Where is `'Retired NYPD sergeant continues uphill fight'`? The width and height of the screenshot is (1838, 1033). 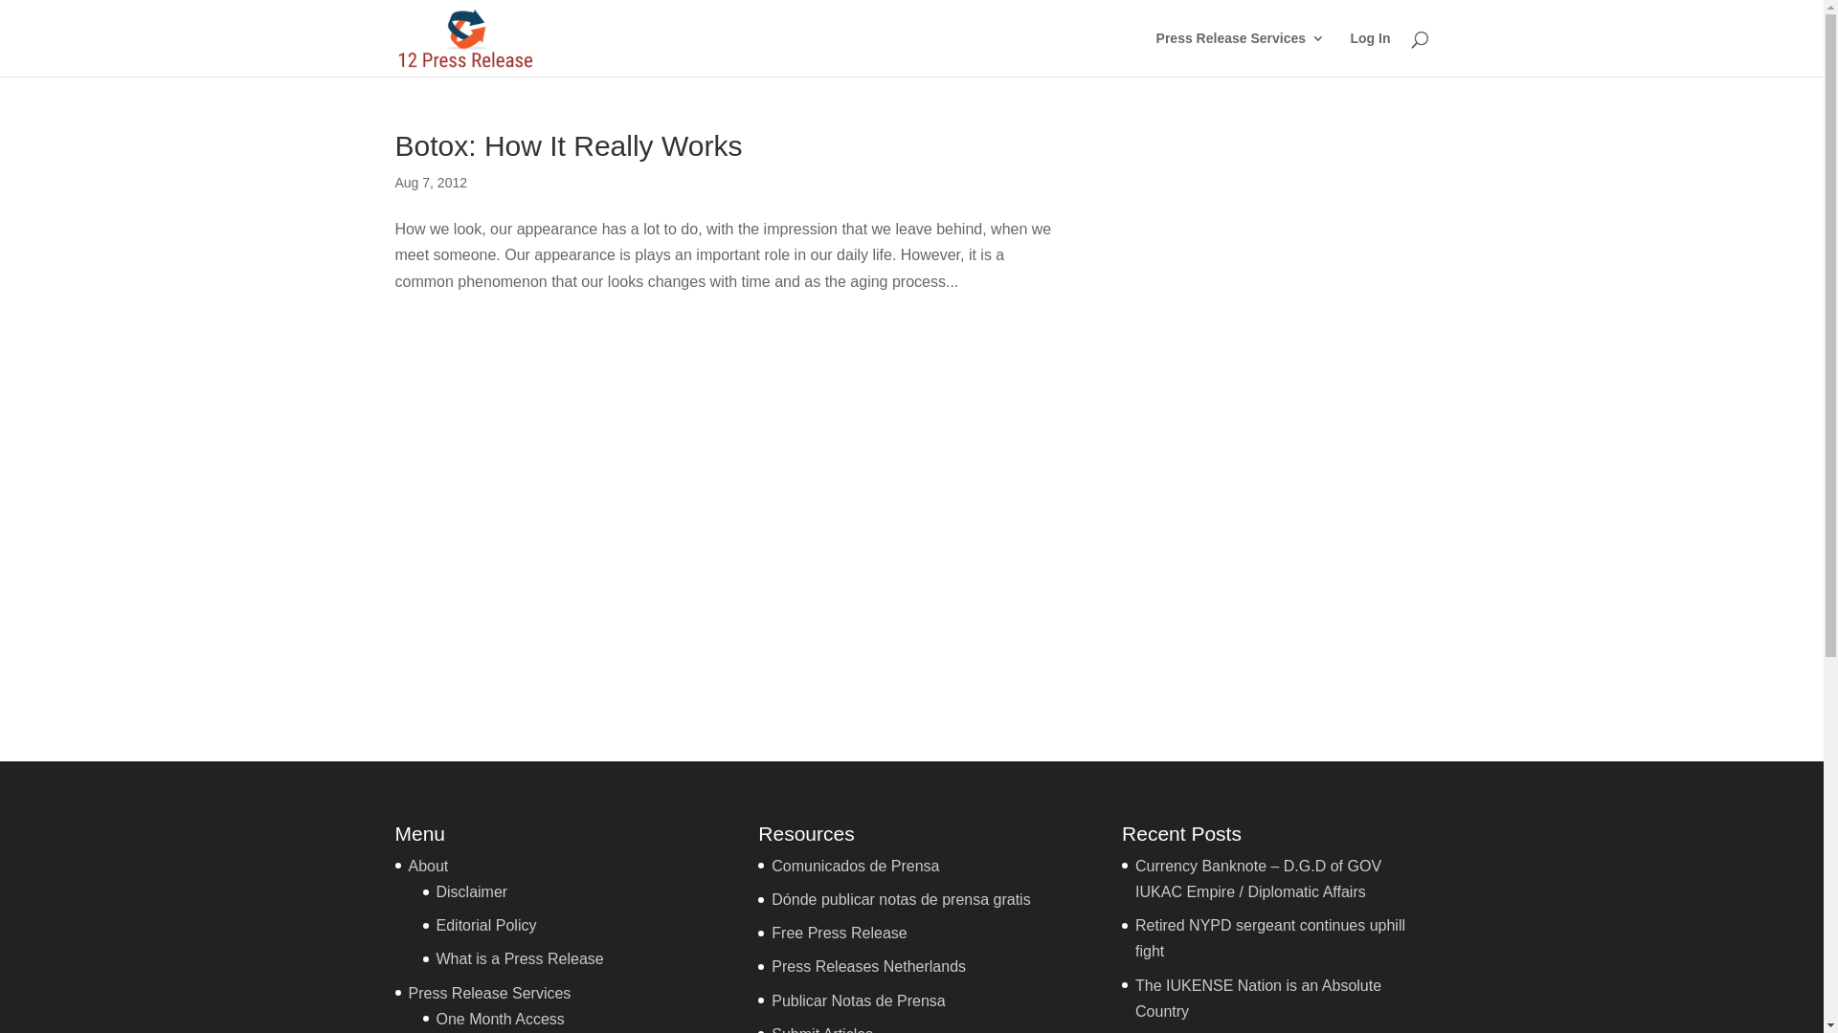
'Retired NYPD sergeant continues uphill fight' is located at coordinates (1269, 936).